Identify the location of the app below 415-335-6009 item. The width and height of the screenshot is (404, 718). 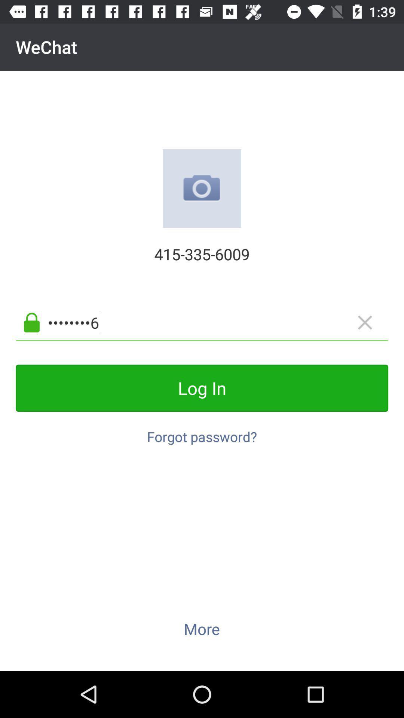
(214, 322).